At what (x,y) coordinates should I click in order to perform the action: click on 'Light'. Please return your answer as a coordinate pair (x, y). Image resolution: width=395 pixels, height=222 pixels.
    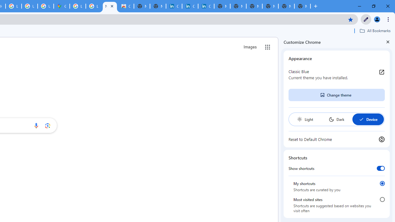
    Looking at the image, I should click on (305, 119).